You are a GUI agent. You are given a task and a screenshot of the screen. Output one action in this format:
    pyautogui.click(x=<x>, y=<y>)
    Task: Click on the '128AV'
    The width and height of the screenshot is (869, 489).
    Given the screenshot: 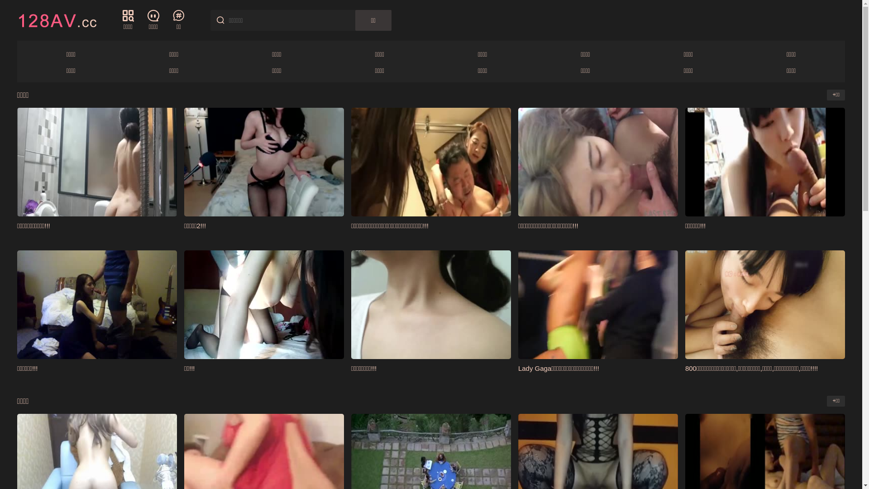 What is the action you would take?
    pyautogui.click(x=56, y=19)
    